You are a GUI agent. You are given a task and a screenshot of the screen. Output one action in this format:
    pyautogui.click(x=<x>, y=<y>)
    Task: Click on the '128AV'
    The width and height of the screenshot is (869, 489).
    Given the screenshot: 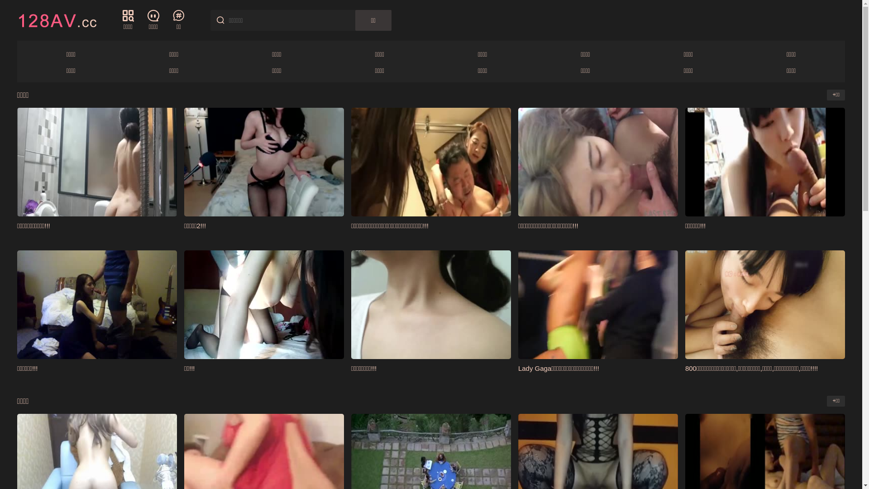 What is the action you would take?
    pyautogui.click(x=56, y=19)
    